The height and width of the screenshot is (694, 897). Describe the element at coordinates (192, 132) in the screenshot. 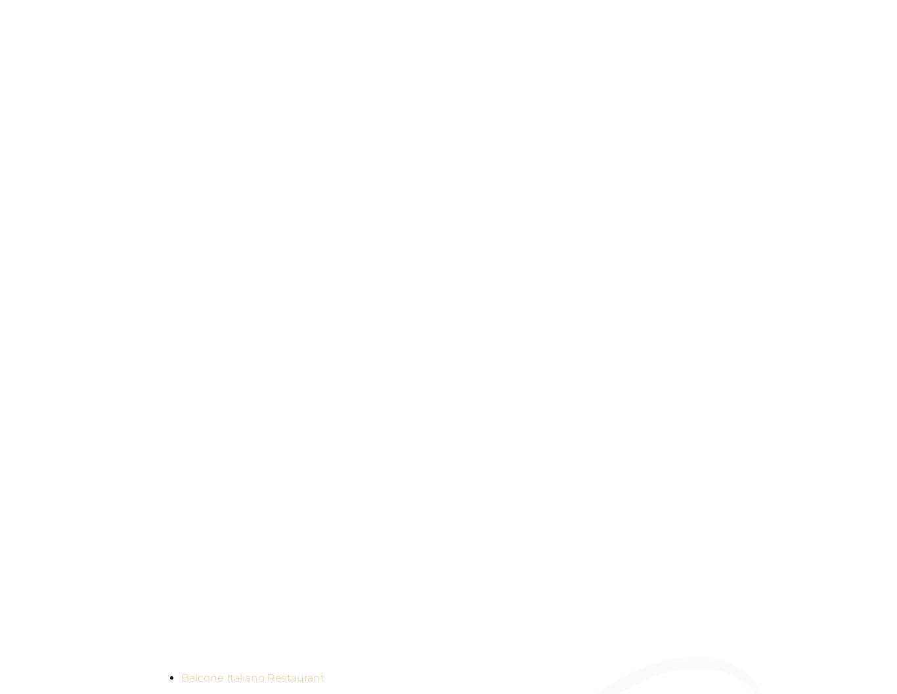

I see `'Home'` at that location.